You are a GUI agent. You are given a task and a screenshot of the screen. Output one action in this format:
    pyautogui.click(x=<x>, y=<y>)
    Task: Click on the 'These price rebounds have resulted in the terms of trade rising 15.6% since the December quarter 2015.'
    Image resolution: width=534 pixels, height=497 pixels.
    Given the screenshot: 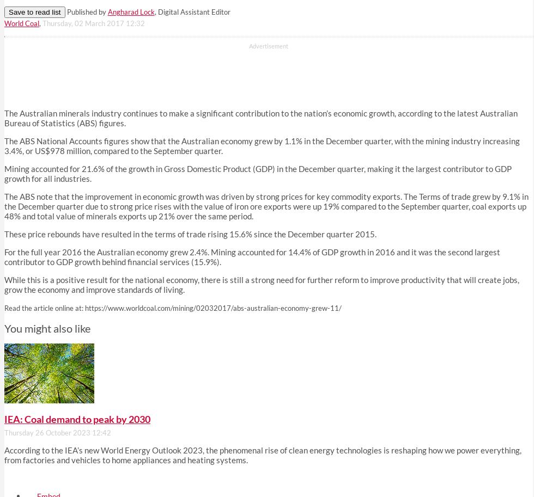 What is the action you would take?
    pyautogui.click(x=190, y=234)
    